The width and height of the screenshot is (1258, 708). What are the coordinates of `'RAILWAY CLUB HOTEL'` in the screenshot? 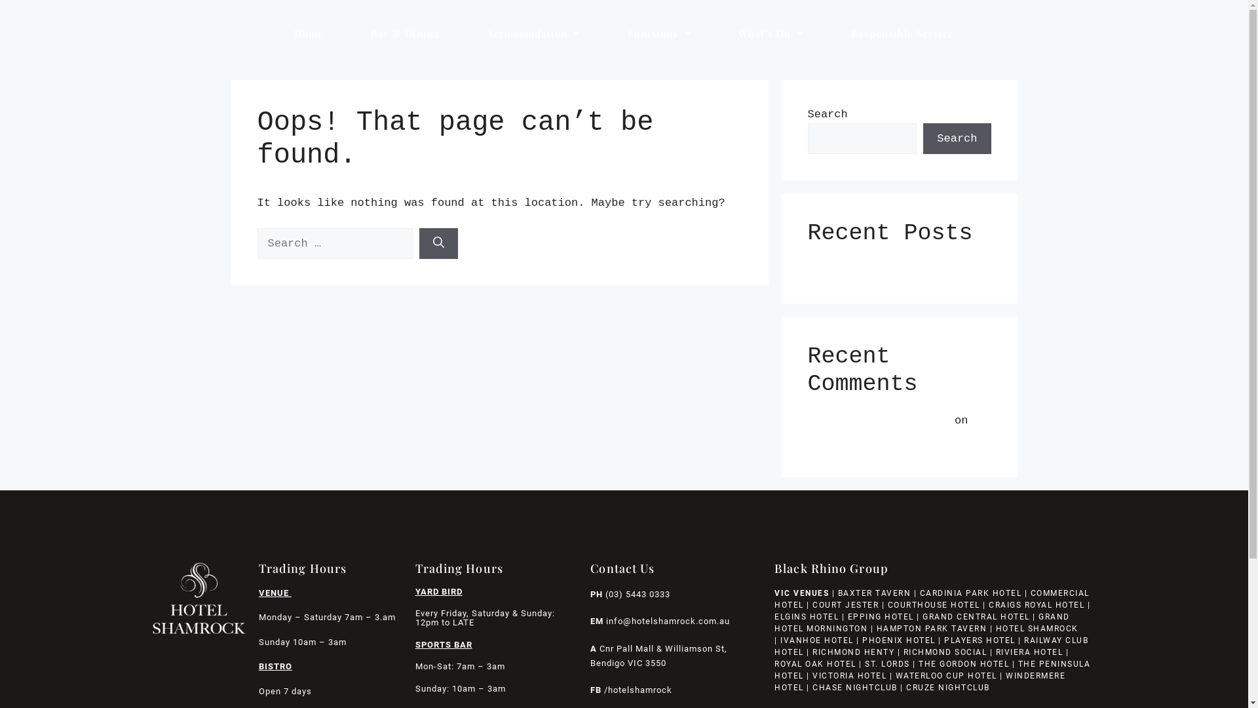 It's located at (930, 646).